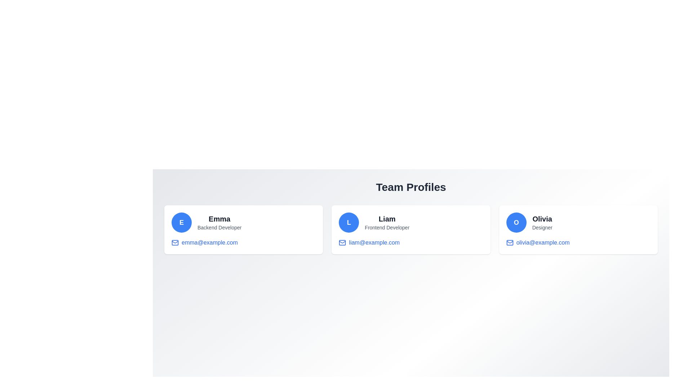 Image resolution: width=692 pixels, height=389 pixels. I want to click on the text block displaying 'Olivia' and 'Designer', which is located in the rightmost card of a three-card layout, positioned above an email address link and to the right of a circular profile picture icon, so click(542, 222).